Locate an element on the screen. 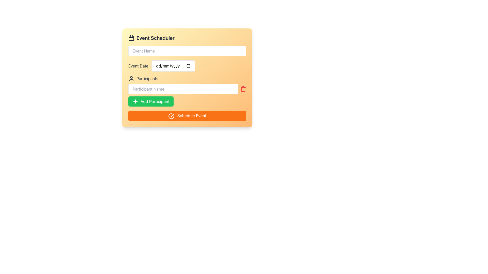 The width and height of the screenshot is (488, 274). the calendar icon located in the header section labeled 'Event Scheduler', which is characterized by a square outline and mounting rings at the top is located at coordinates (131, 38).